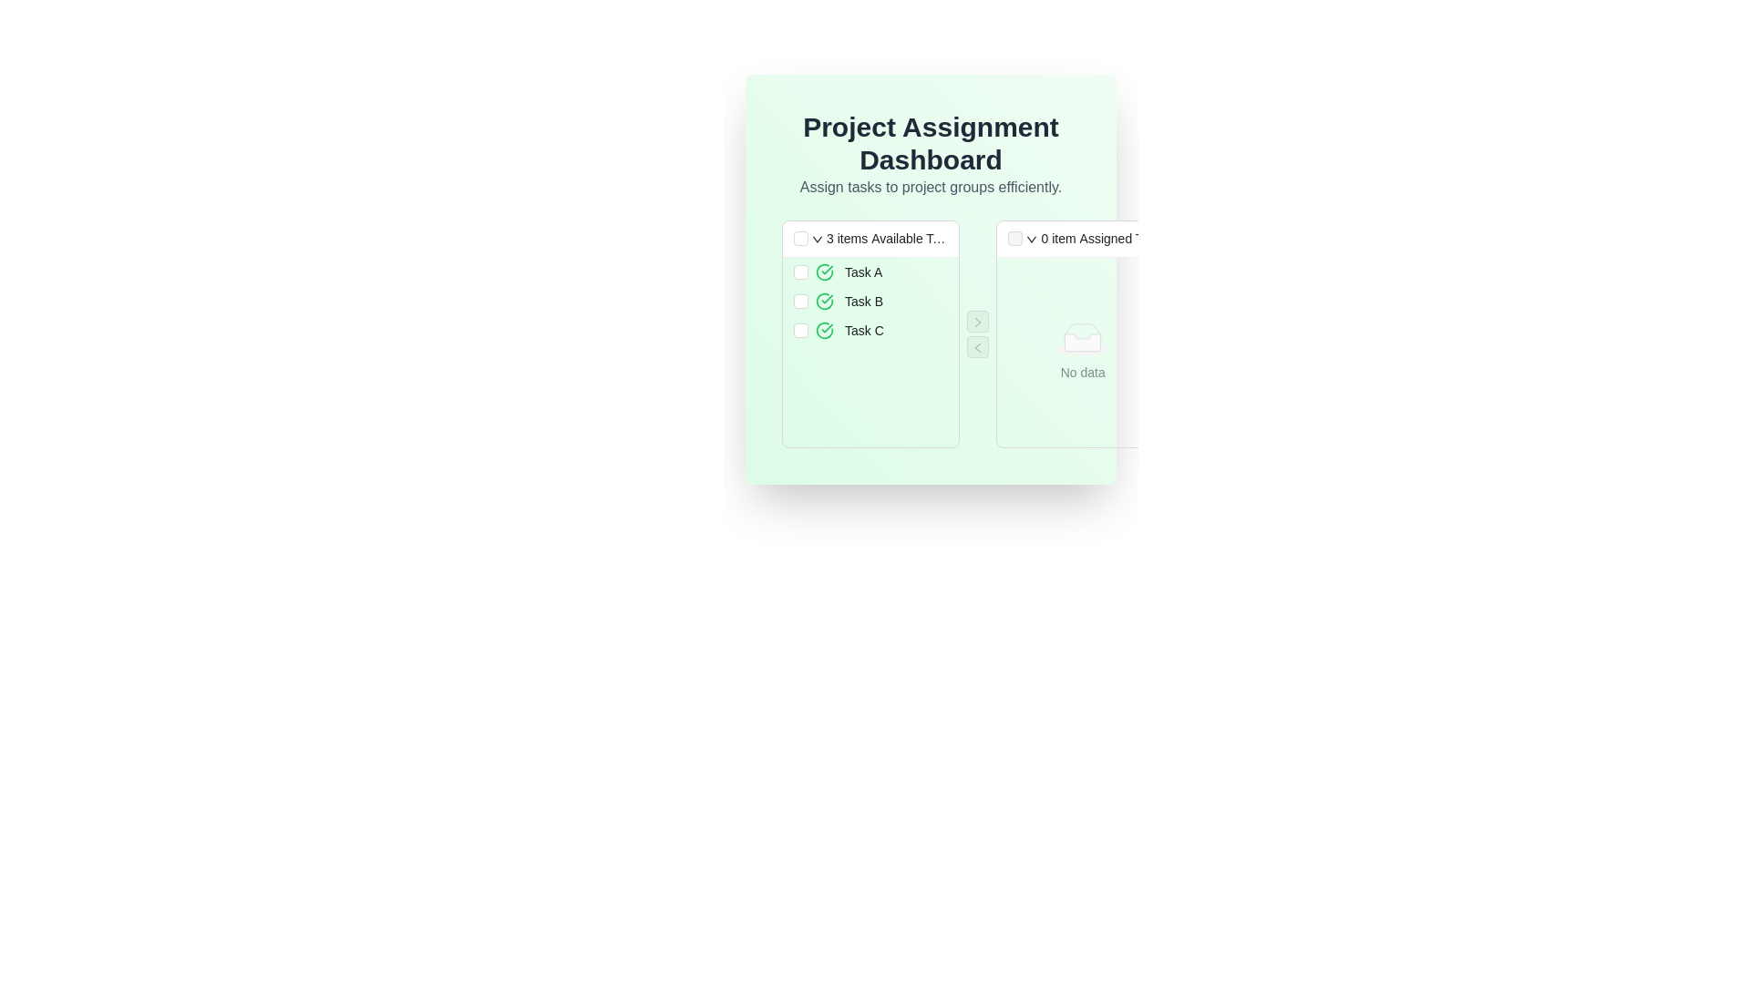 This screenshot has width=1750, height=984. Describe the element at coordinates (824, 272) in the screenshot. I see `the green circular icon with a check mark located to the left of the text 'Task A'` at that location.